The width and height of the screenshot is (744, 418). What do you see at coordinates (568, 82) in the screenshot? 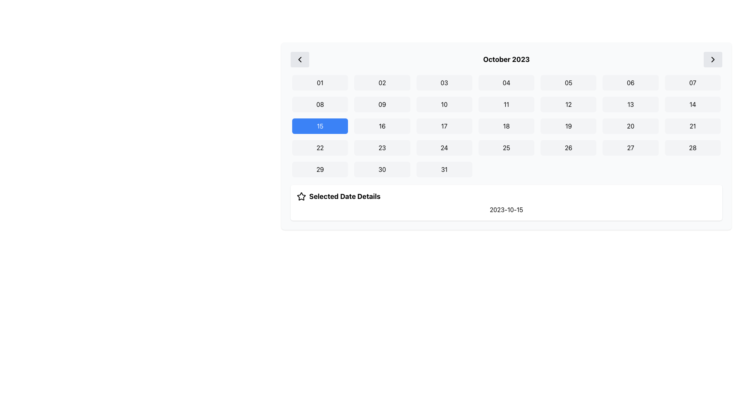
I see `the selectable date button representing '05' in the calendar interface` at bounding box center [568, 82].